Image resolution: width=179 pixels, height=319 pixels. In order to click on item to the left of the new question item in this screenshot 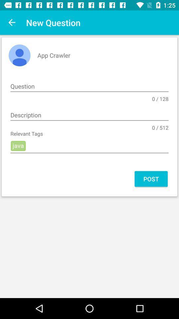, I will do `click(12, 23)`.